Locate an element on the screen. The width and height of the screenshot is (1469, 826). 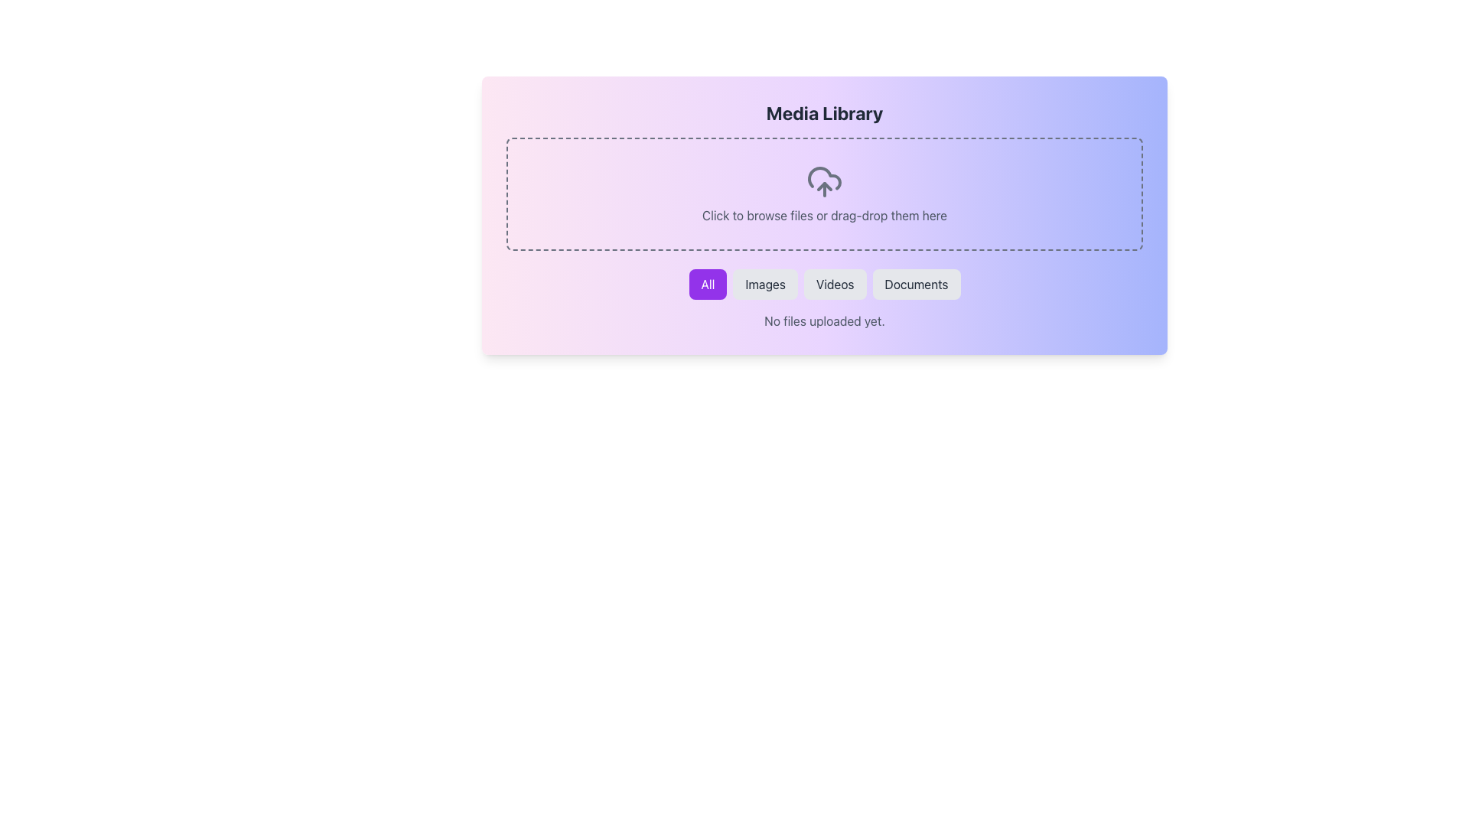
instructional text label guiding users on how to upload files, located prominently in the middle of the main view below the upload icon and above the filter buttons is located at coordinates (824, 215).